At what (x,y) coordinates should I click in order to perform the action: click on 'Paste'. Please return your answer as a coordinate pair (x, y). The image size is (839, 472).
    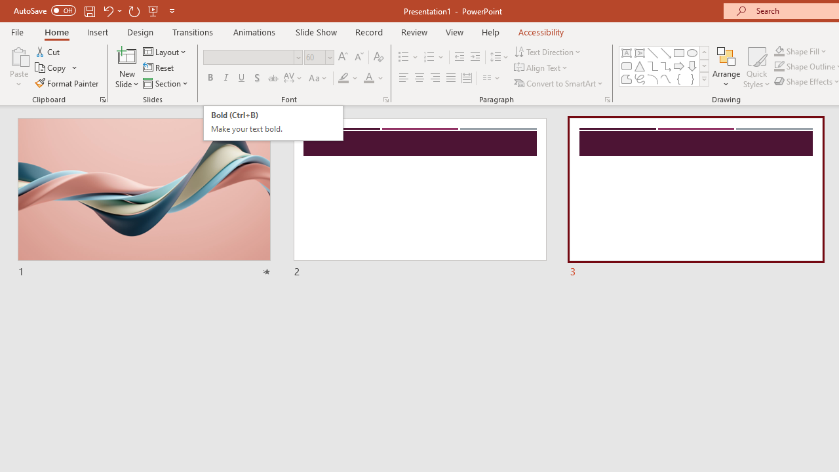
    Looking at the image, I should click on (18, 55).